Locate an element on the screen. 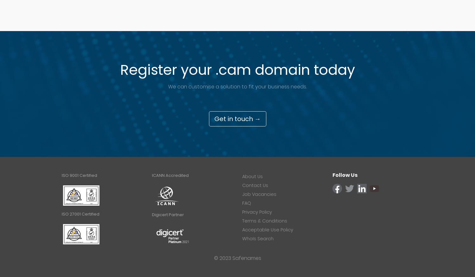 This screenshot has height=277, width=475. 'Terms & Conditions' is located at coordinates (242, 220).